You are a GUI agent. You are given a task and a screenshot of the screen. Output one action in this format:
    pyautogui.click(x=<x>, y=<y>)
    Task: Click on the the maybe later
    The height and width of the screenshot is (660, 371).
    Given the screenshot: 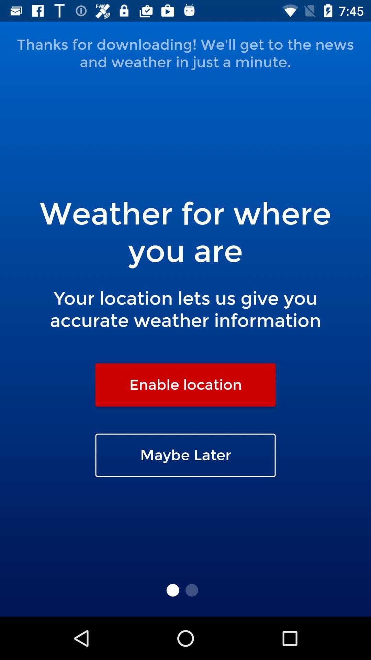 What is the action you would take?
    pyautogui.click(x=185, y=455)
    